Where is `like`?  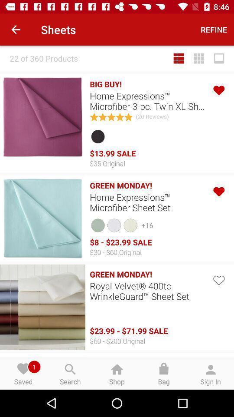 like is located at coordinates (218, 191).